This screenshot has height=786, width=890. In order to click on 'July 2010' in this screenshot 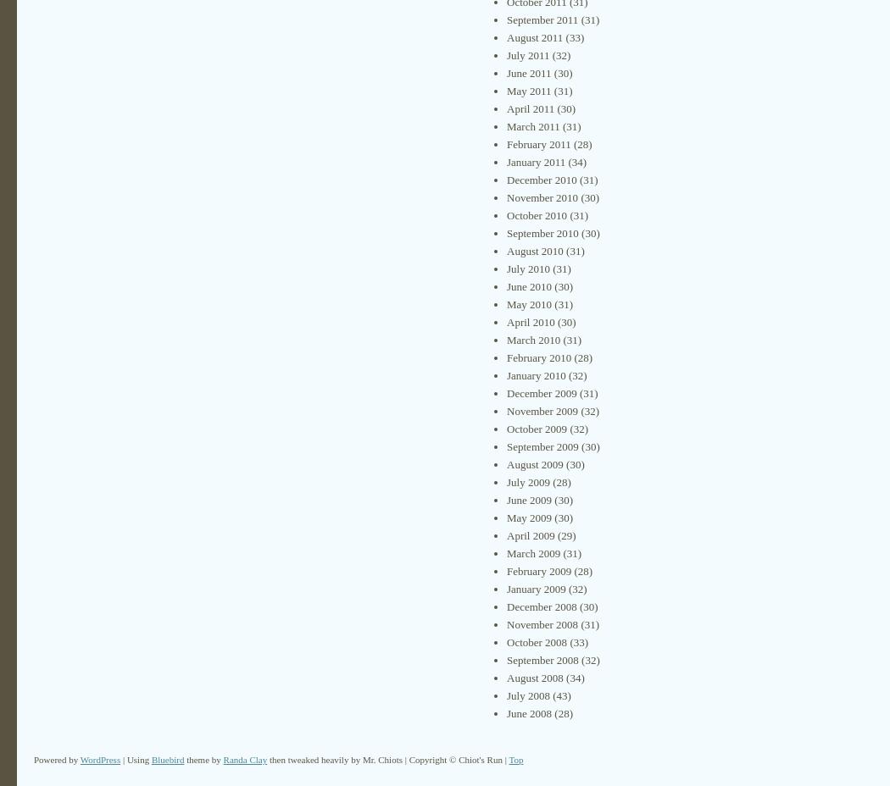, I will do `click(527, 268)`.